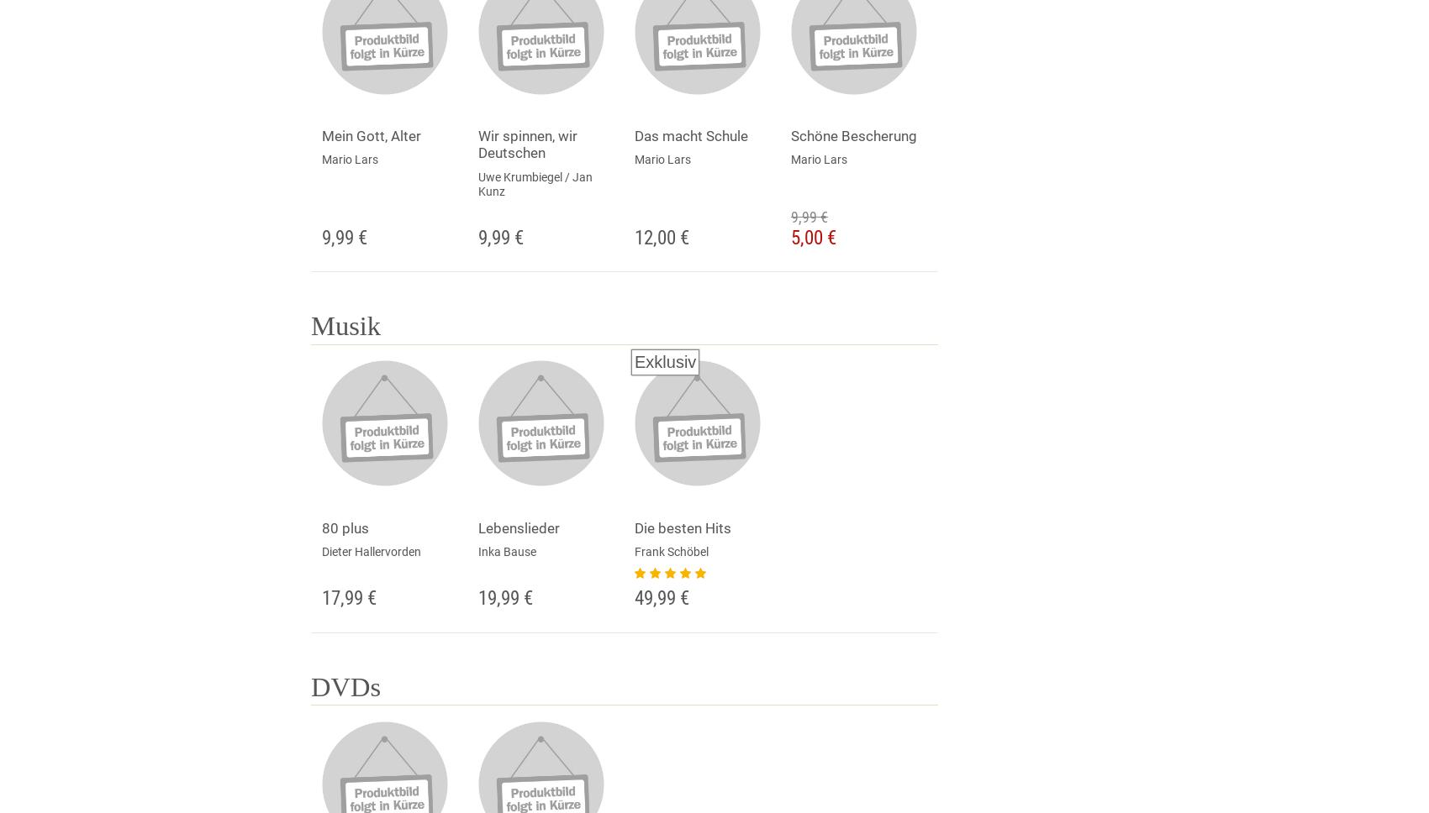  What do you see at coordinates (518, 527) in the screenshot?
I see `'Lebenslieder'` at bounding box center [518, 527].